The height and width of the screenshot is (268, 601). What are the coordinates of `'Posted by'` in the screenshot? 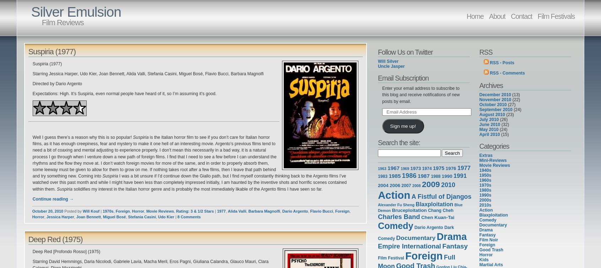 It's located at (64, 210).